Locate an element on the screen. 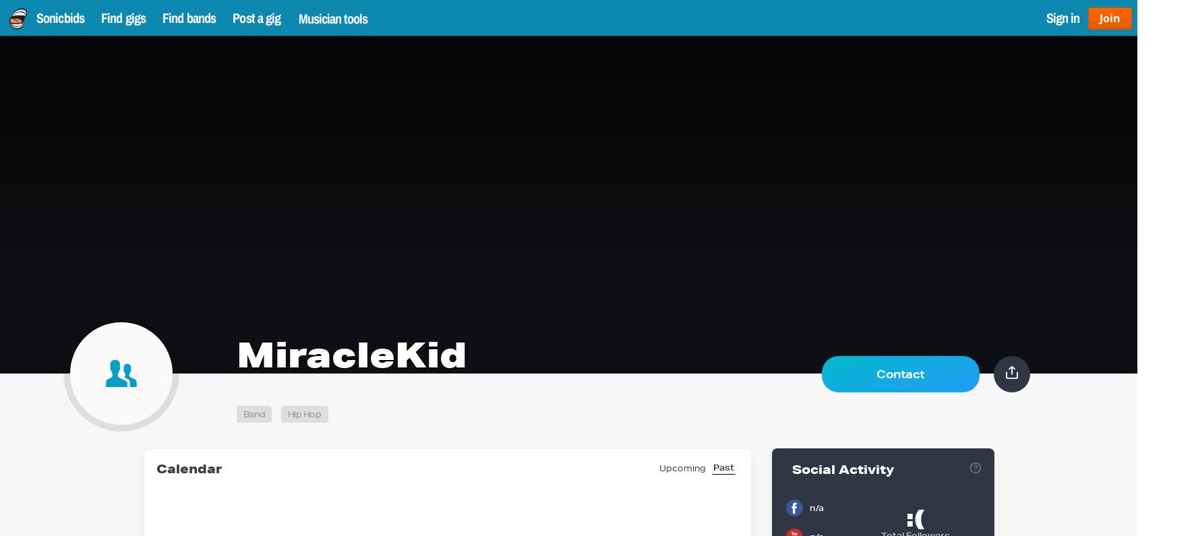  'Musician tools' is located at coordinates (332, 17).